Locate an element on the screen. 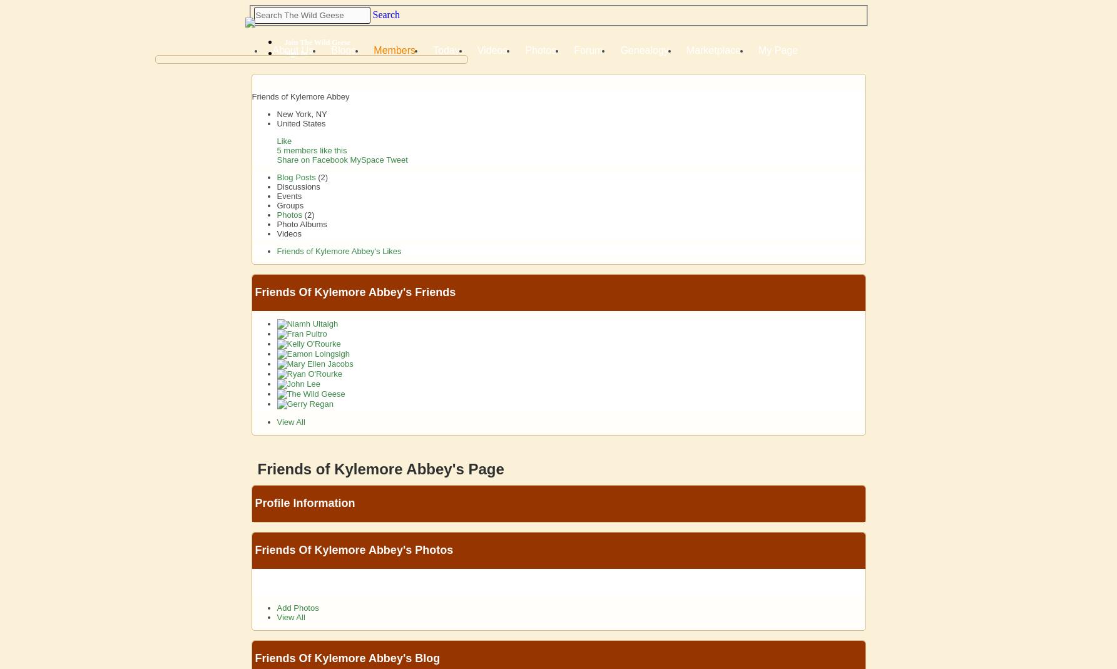 This screenshot has height=669, width=1117. 'United States' is located at coordinates (300, 123).